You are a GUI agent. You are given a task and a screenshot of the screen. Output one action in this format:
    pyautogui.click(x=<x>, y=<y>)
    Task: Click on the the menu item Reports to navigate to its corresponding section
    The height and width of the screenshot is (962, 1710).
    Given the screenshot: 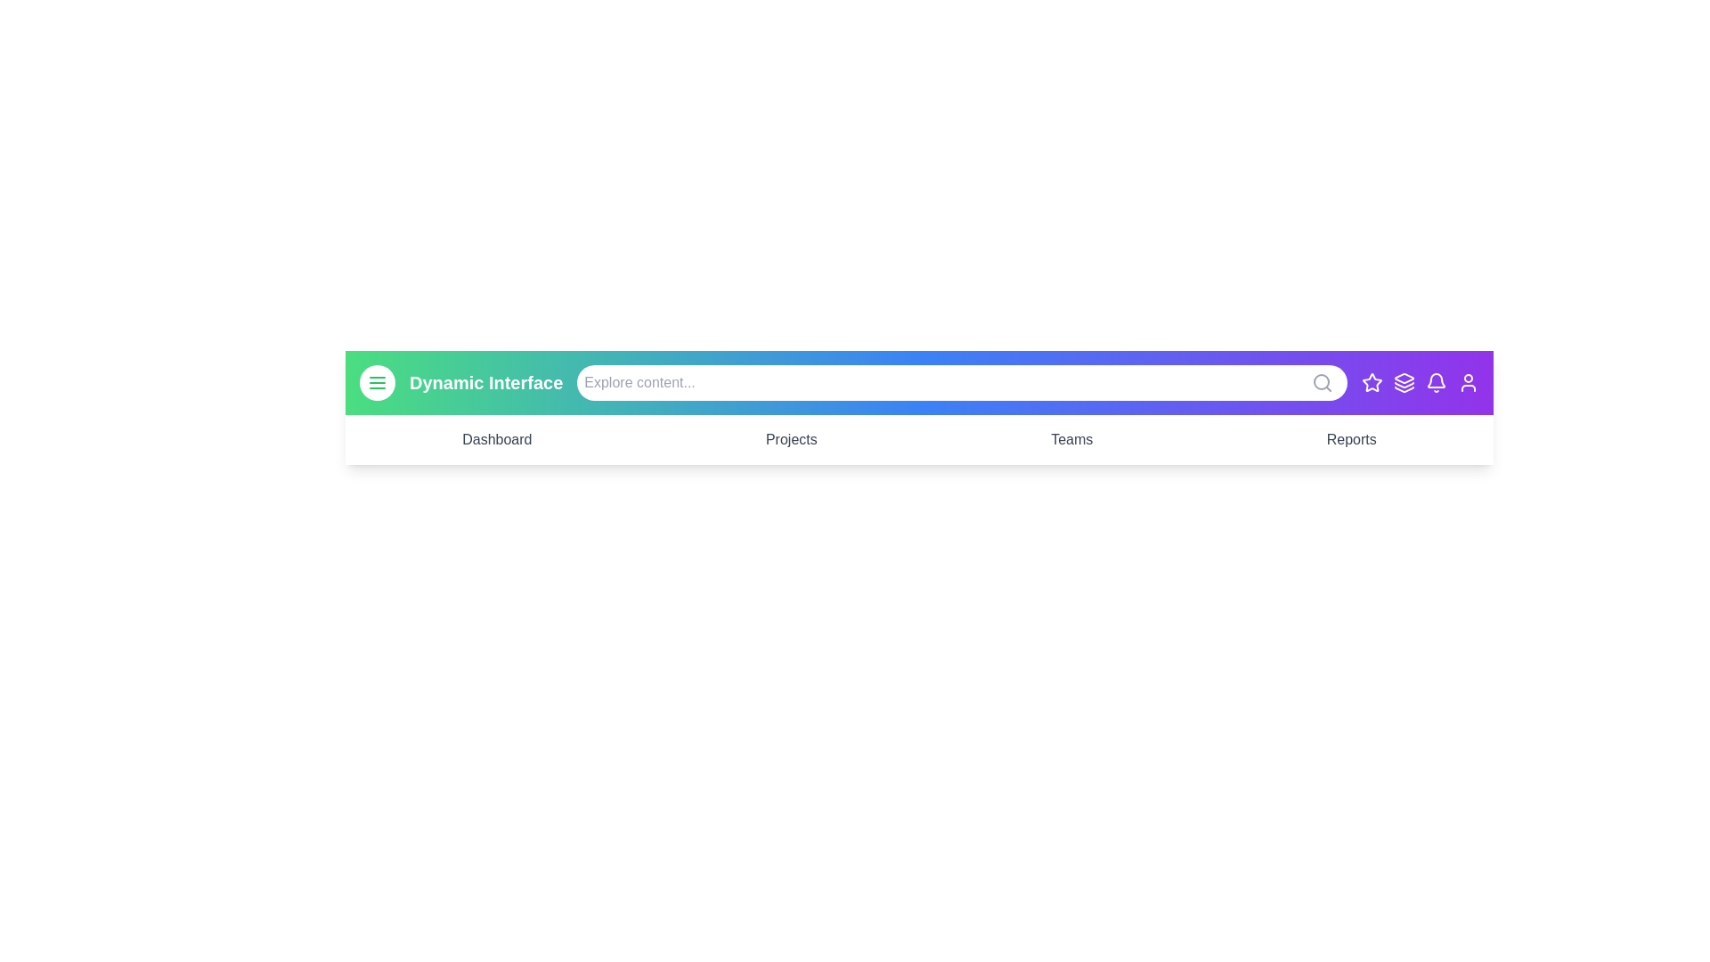 What is the action you would take?
    pyautogui.click(x=1350, y=439)
    